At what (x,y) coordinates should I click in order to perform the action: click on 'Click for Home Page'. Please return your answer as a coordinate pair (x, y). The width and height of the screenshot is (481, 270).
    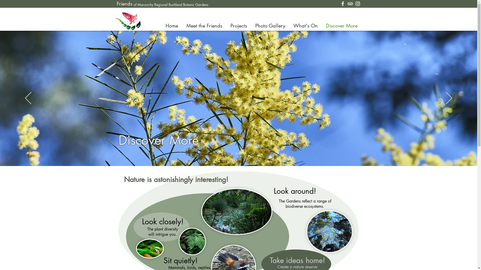
    Looking at the image, I should click on (128, 21).